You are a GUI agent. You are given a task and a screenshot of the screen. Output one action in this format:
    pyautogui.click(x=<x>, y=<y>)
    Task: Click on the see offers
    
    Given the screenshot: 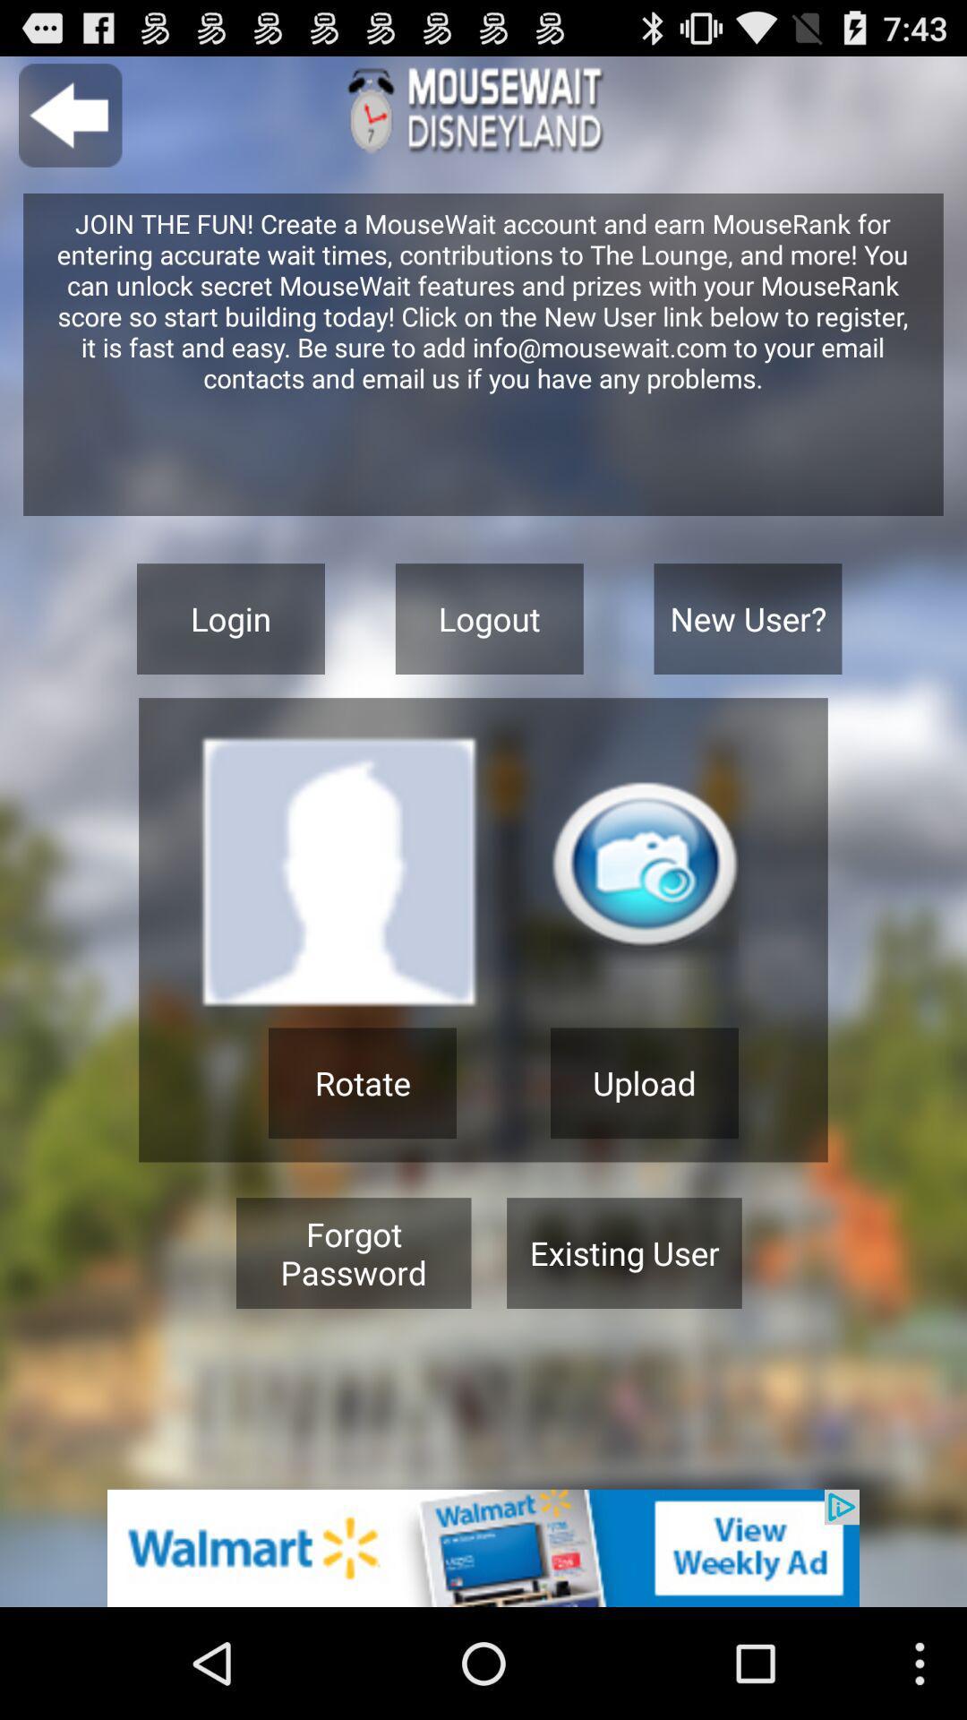 What is the action you would take?
    pyautogui.click(x=483, y=1547)
    